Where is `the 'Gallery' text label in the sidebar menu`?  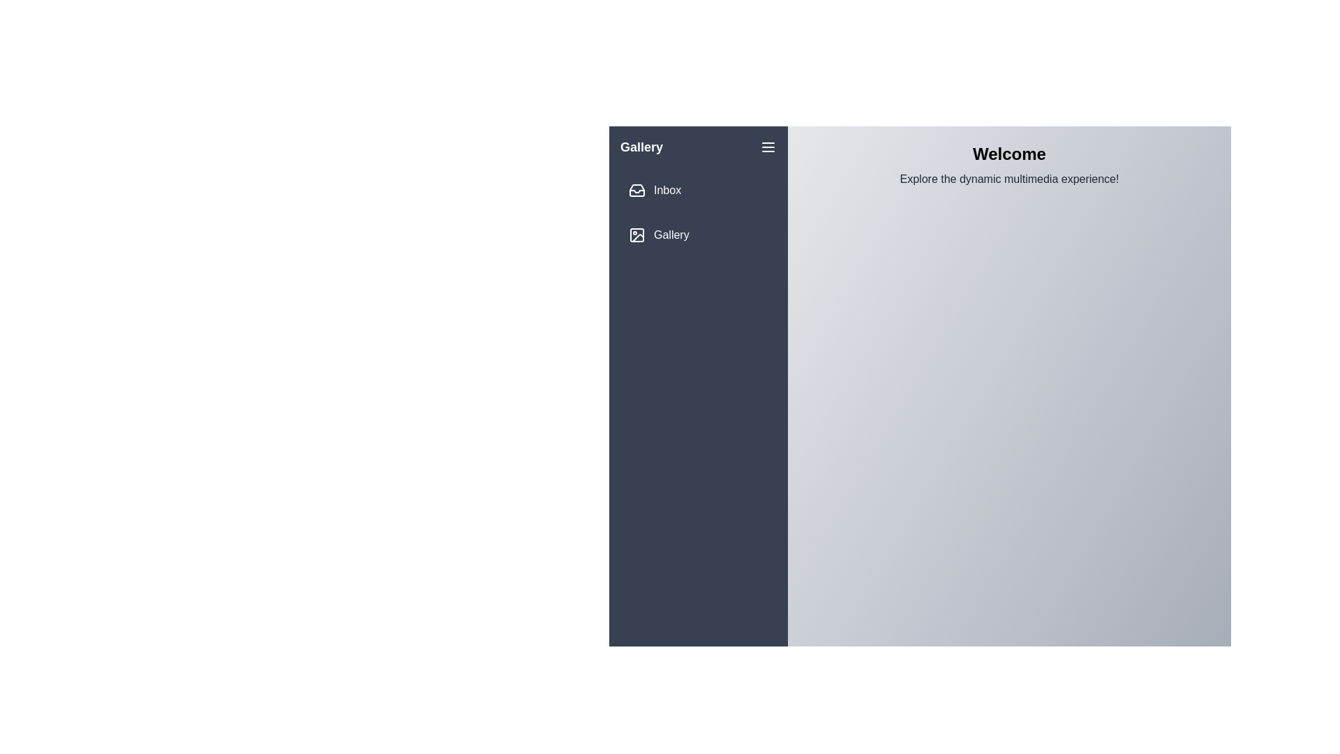
the 'Gallery' text label in the sidebar menu is located at coordinates (671, 234).